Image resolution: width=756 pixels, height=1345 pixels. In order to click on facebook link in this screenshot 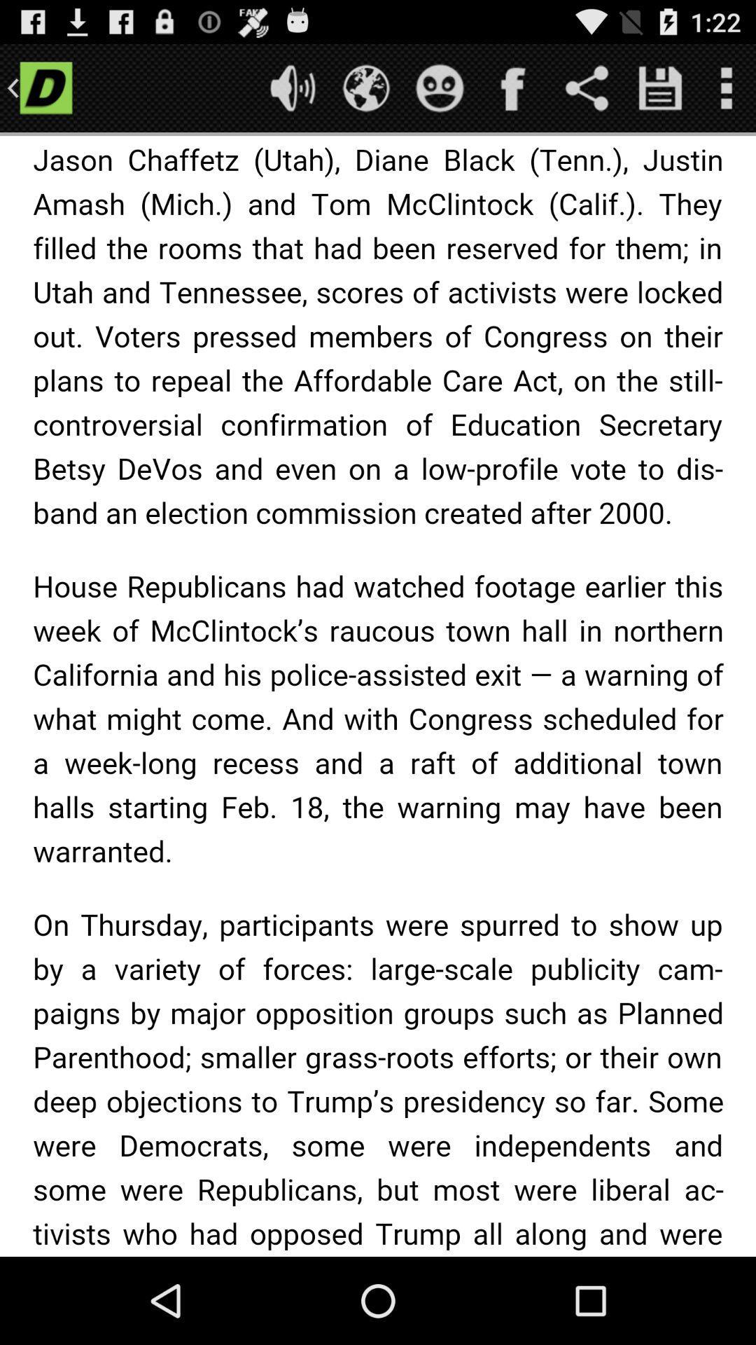, I will do `click(513, 87)`.